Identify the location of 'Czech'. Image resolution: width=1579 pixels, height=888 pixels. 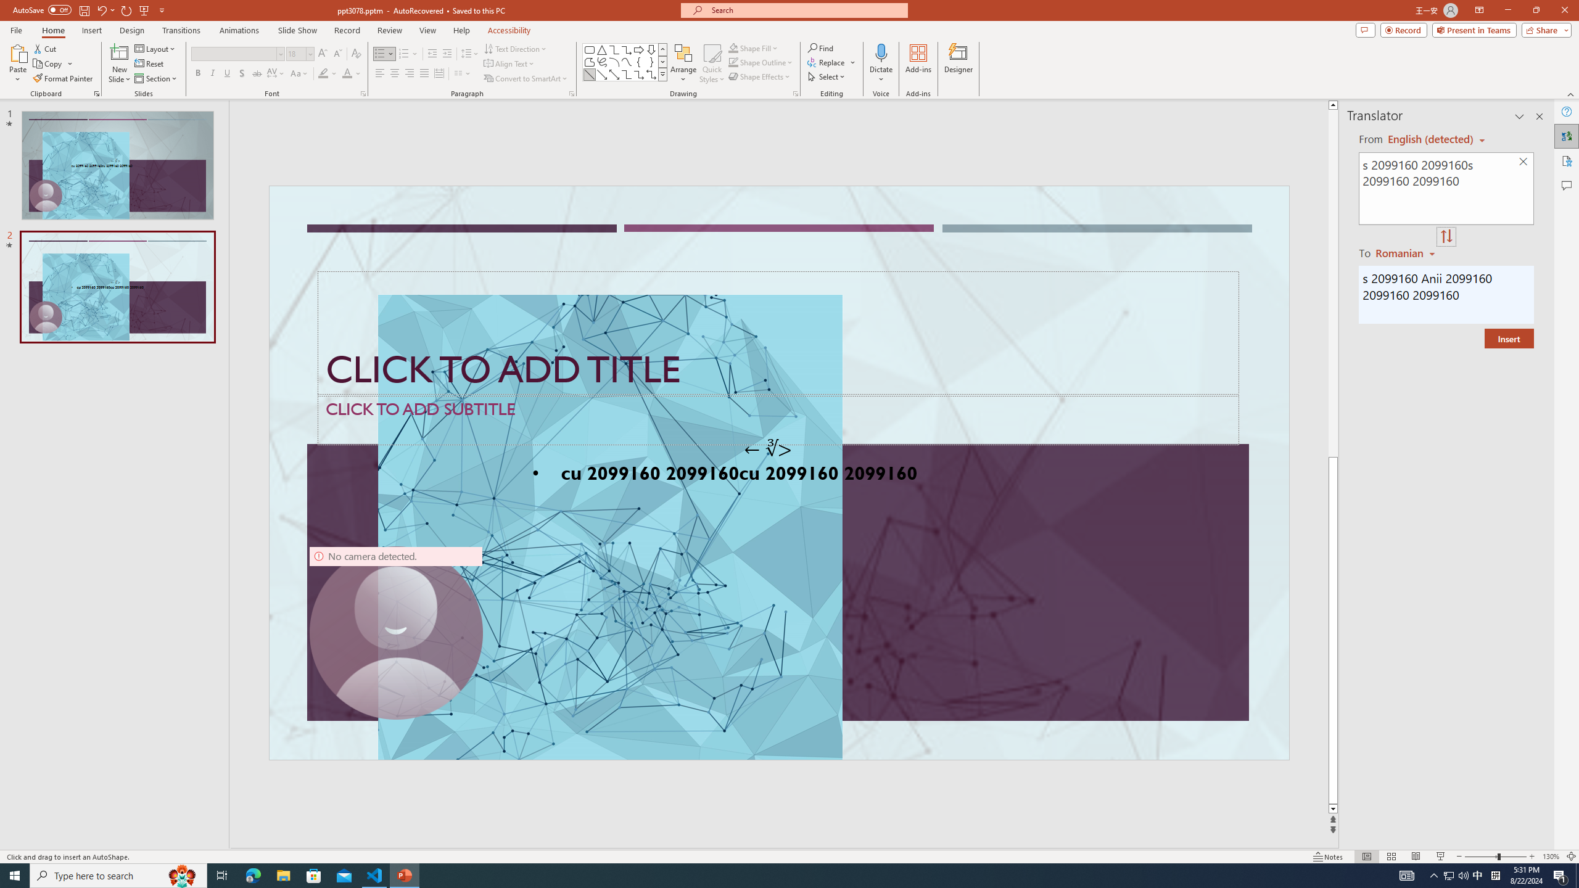
(1406, 252).